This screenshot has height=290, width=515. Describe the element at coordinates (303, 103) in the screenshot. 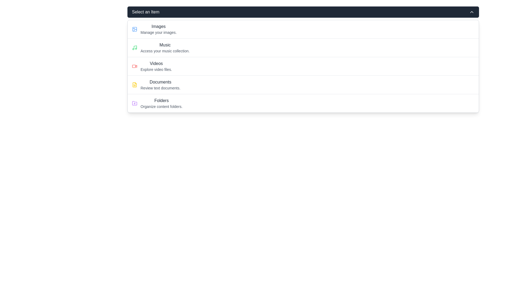

I see `the fifth list item under the 'Select an Item' header` at that location.